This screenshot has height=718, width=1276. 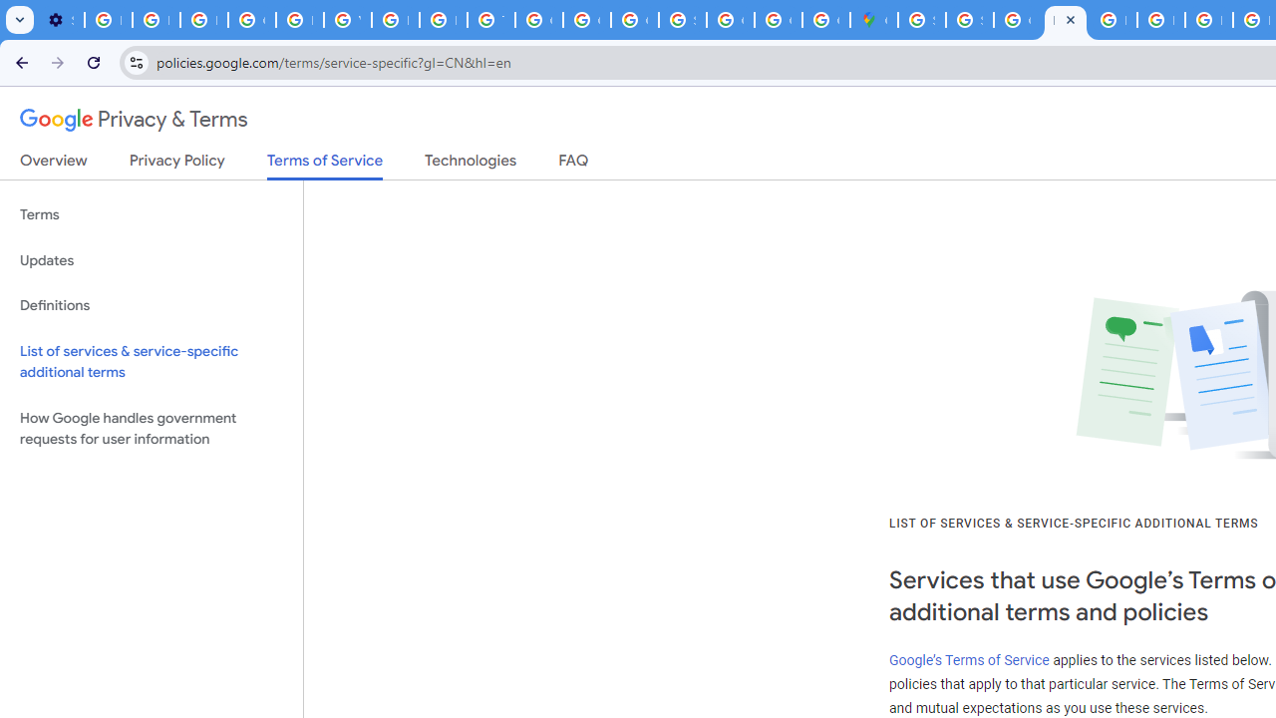 What do you see at coordinates (60, 20) in the screenshot?
I see `'Settings - Customize profile'` at bounding box center [60, 20].